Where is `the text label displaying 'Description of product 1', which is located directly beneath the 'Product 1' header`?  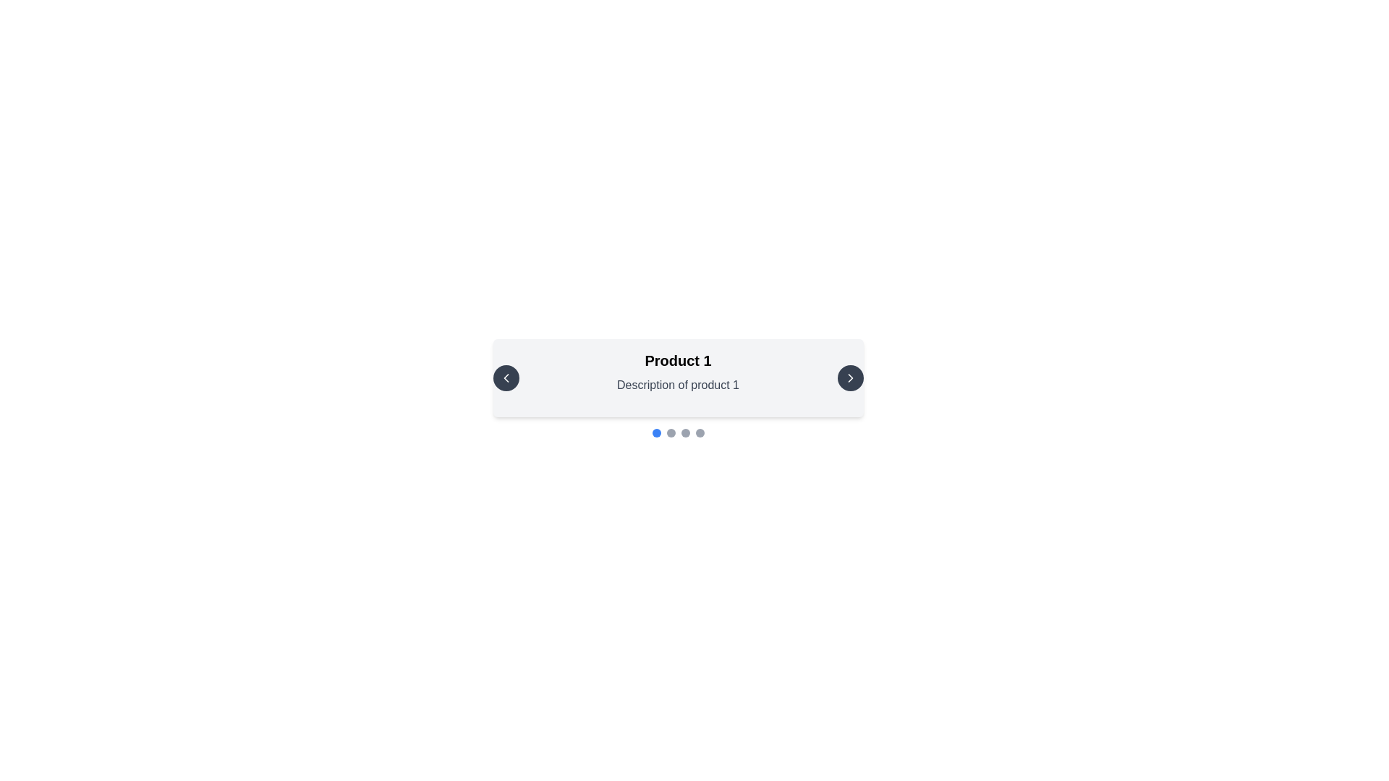
the text label displaying 'Description of product 1', which is located directly beneath the 'Product 1' header is located at coordinates (677, 384).